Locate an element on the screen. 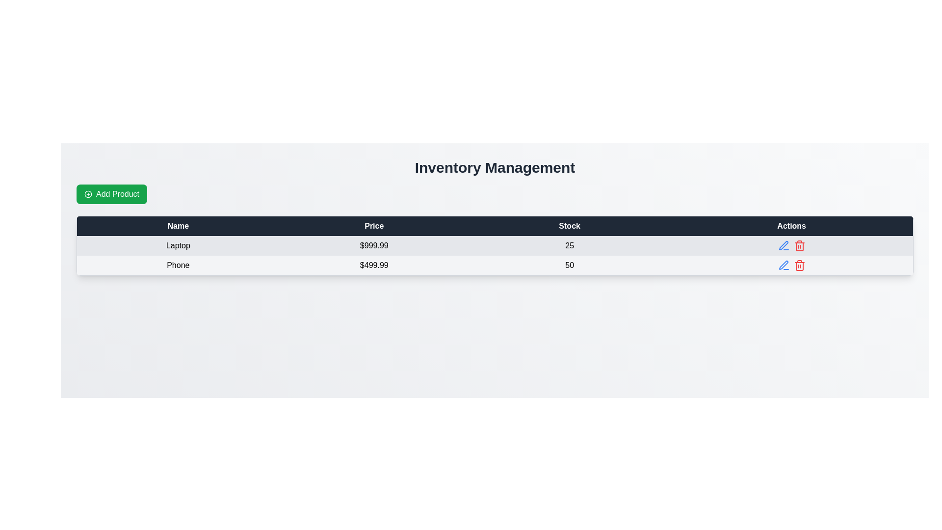  the first row of the Inventory Management table containing 'Laptop', '$999.99', and '25' is located at coordinates (495, 245).